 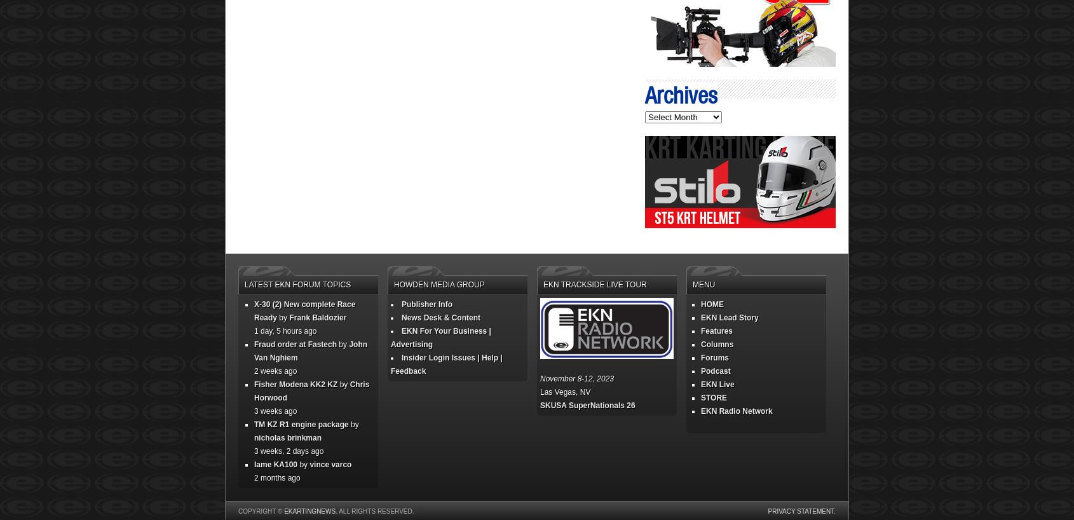 What do you see at coordinates (716, 370) in the screenshot?
I see `'Podcast'` at bounding box center [716, 370].